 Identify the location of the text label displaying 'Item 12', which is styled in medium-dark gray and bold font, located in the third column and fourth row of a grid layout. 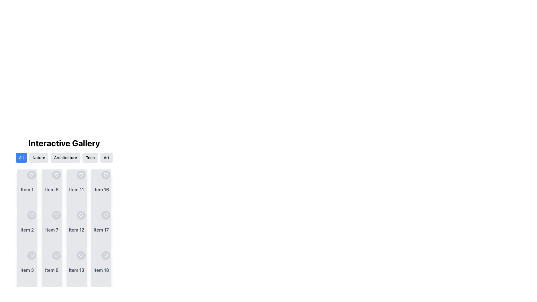
(76, 230).